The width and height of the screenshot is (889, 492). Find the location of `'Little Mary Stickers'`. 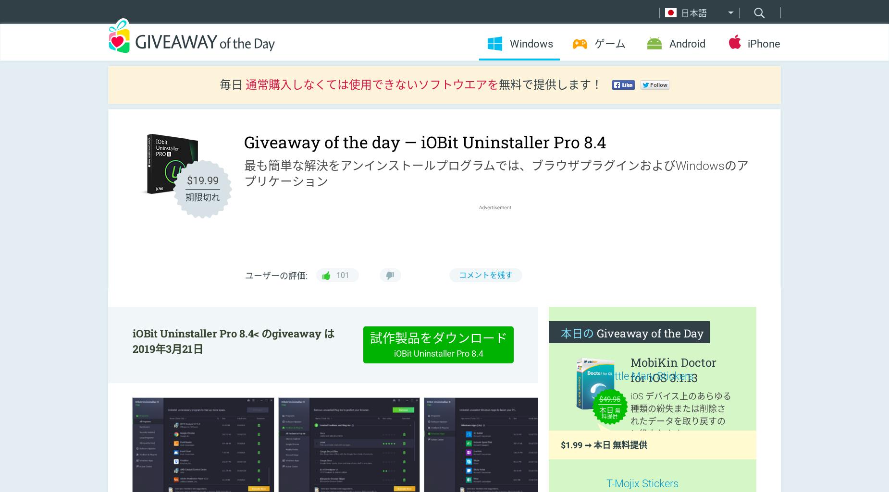

'Little Mary Stickers' is located at coordinates (649, 376).